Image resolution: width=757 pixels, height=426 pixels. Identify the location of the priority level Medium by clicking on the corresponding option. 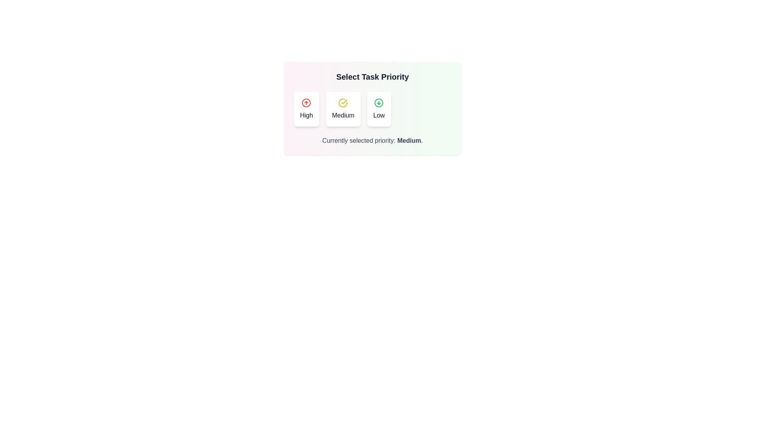
(343, 109).